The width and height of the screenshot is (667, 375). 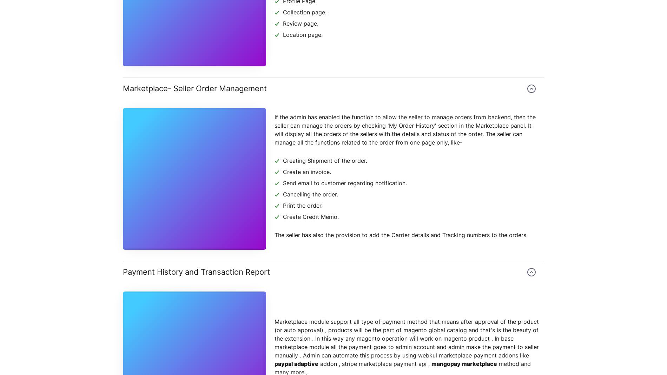 What do you see at coordinates (306, 172) in the screenshot?
I see `'Create an invoice.'` at bounding box center [306, 172].